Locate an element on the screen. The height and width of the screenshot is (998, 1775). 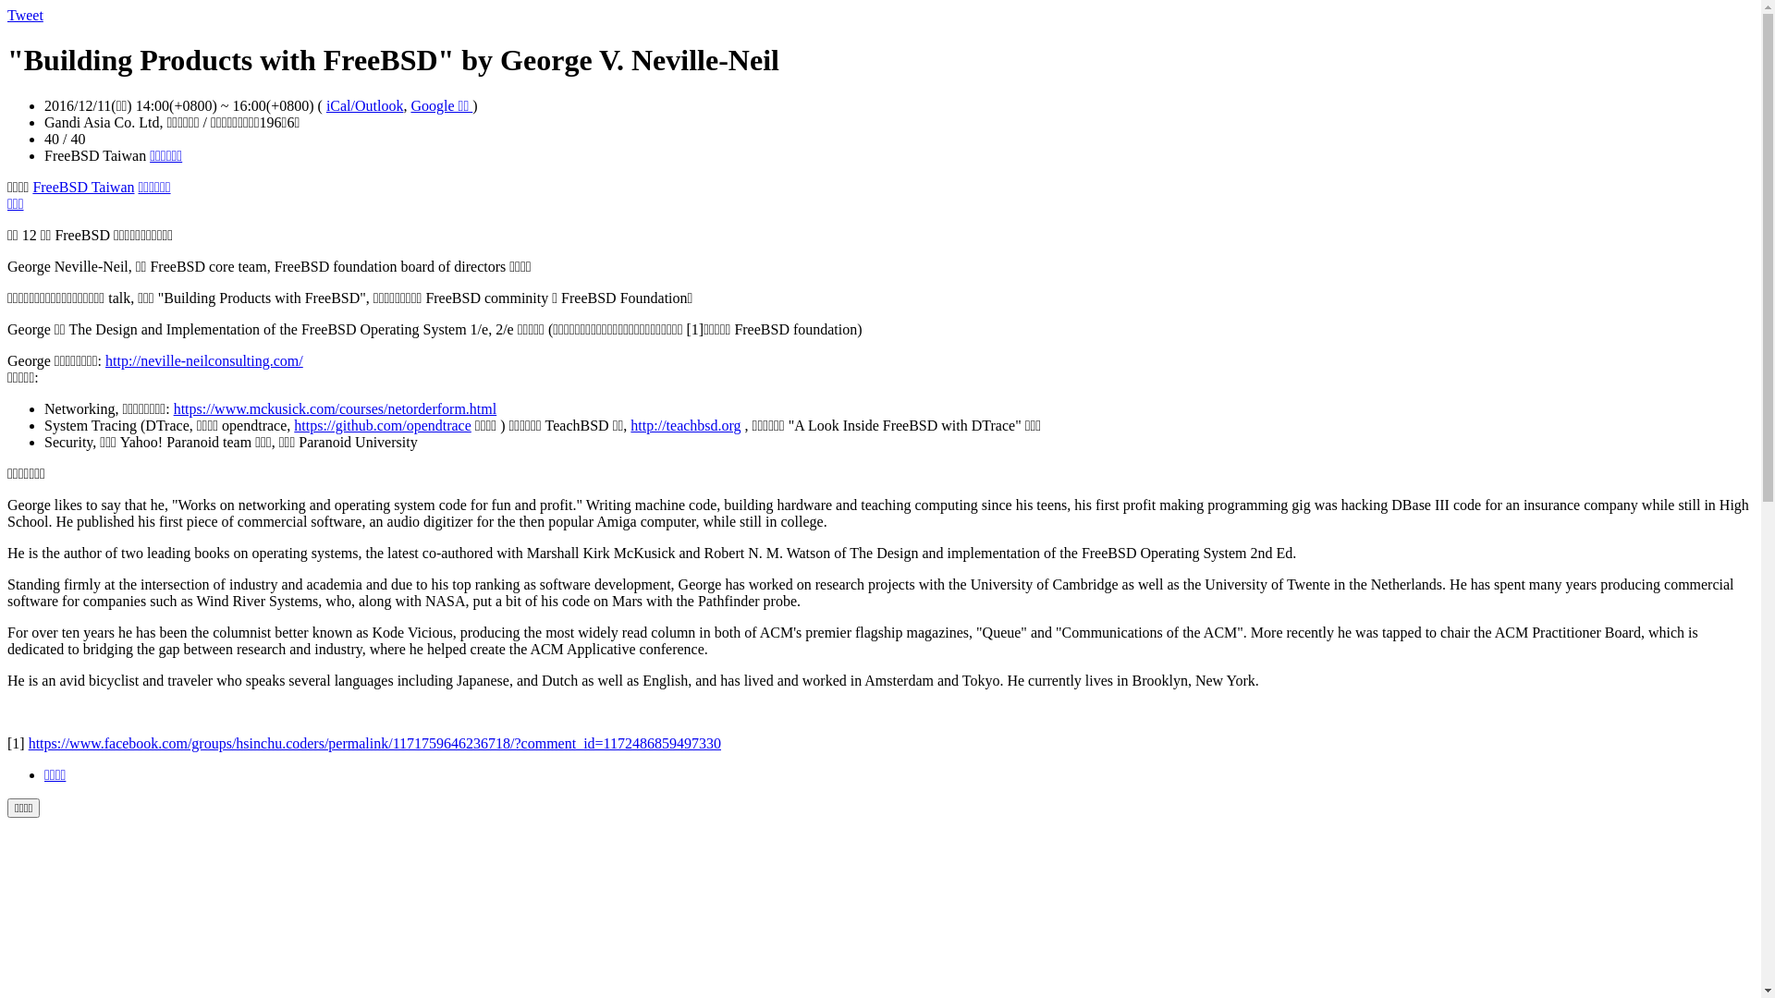
'Tweet' is located at coordinates (25, 15).